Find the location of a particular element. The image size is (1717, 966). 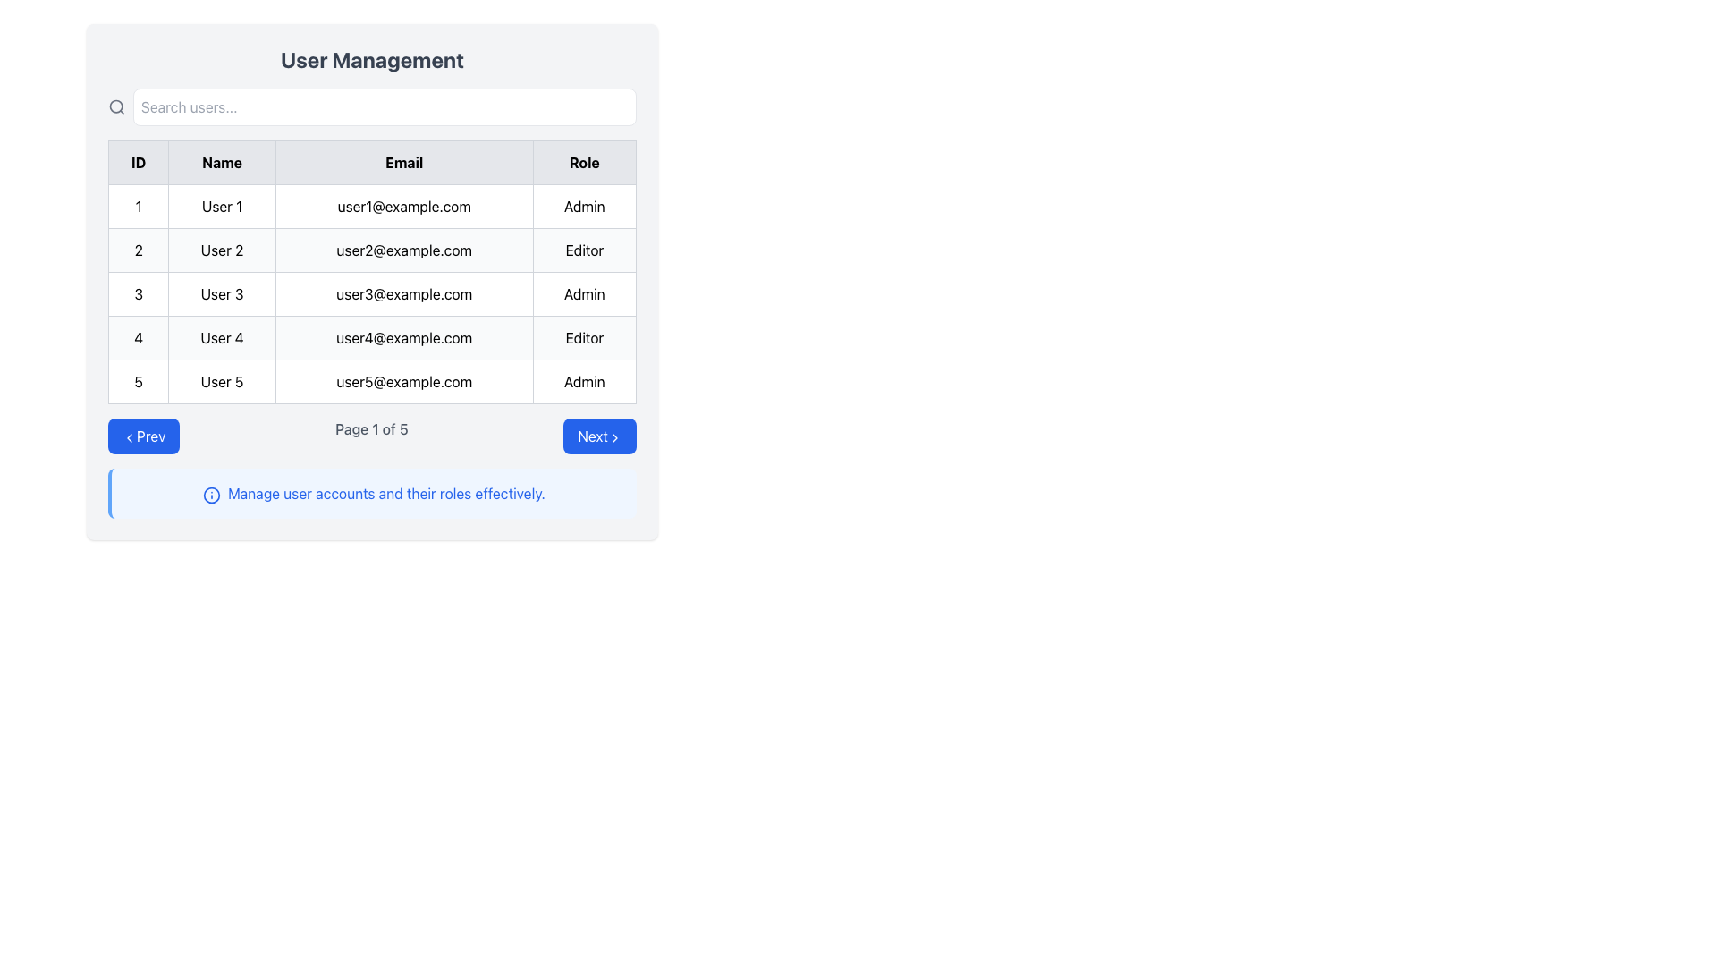

the text label displaying the numeral '1' in the ID cell of the user management table, which is located in the first column of the first row is located at coordinates (138, 206).